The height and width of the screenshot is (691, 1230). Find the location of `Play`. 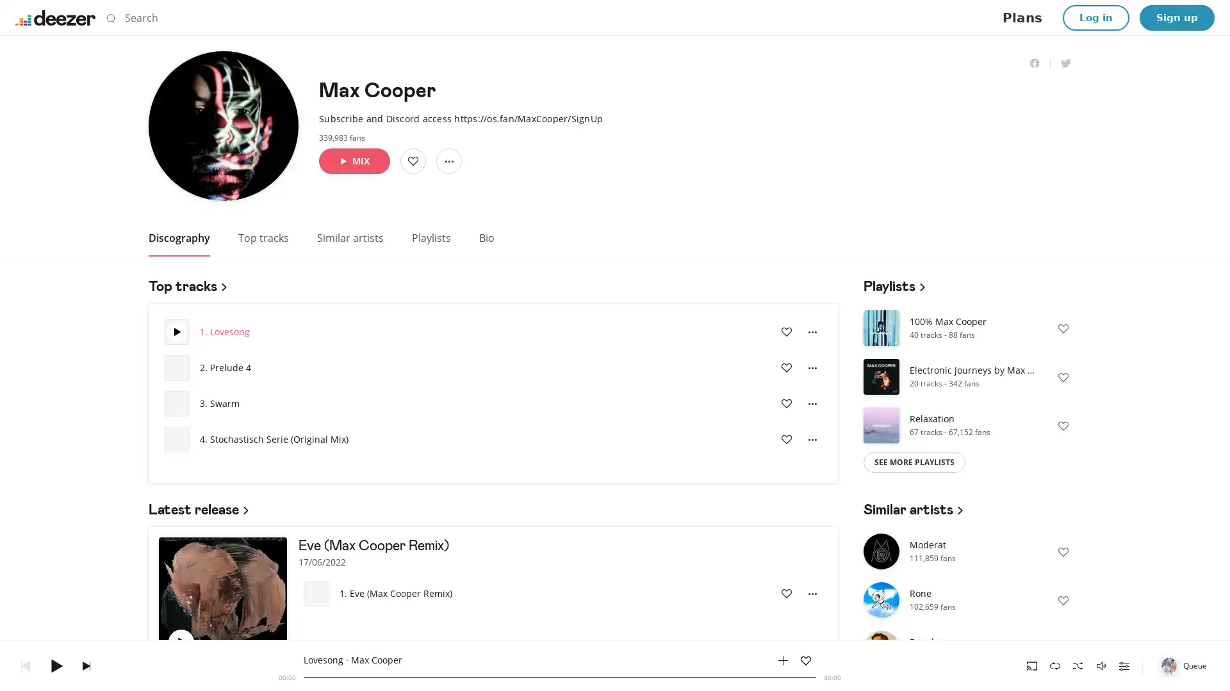

Play is located at coordinates (181, 642).